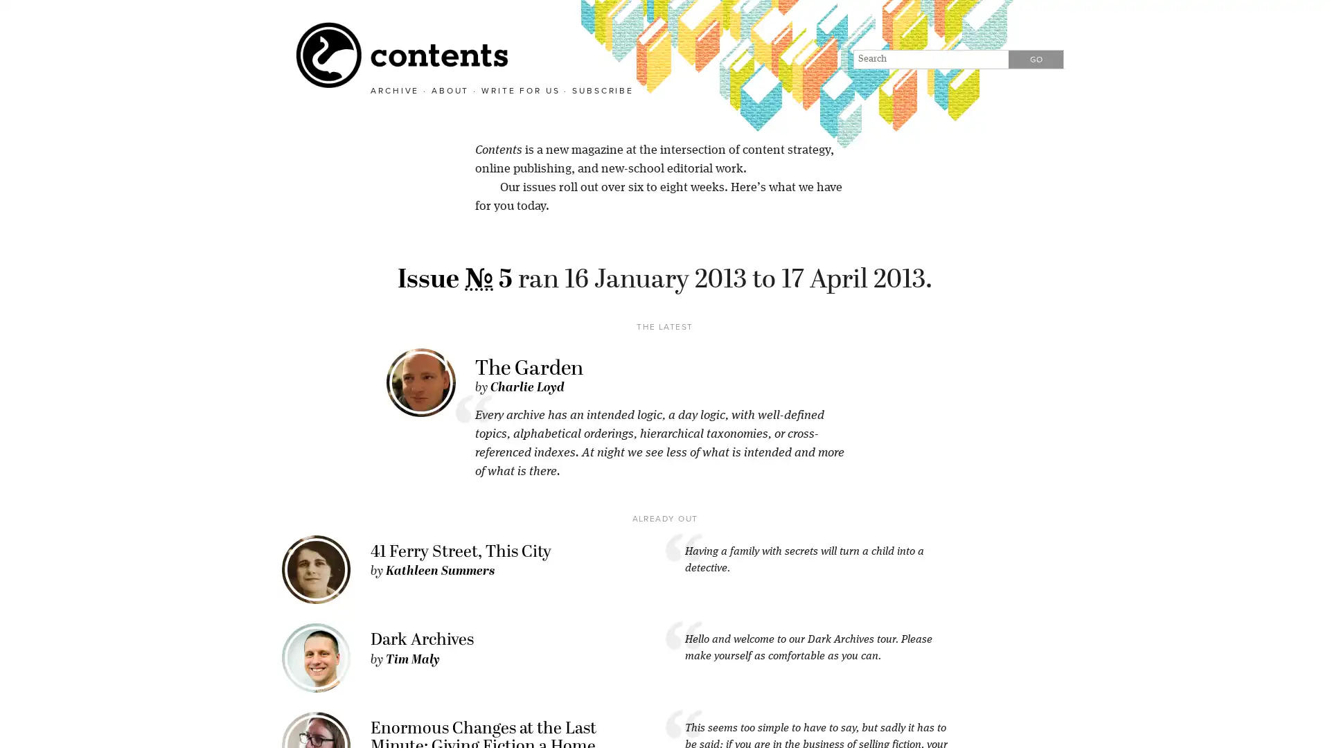  Describe the element at coordinates (1036, 58) in the screenshot. I see `Go` at that location.